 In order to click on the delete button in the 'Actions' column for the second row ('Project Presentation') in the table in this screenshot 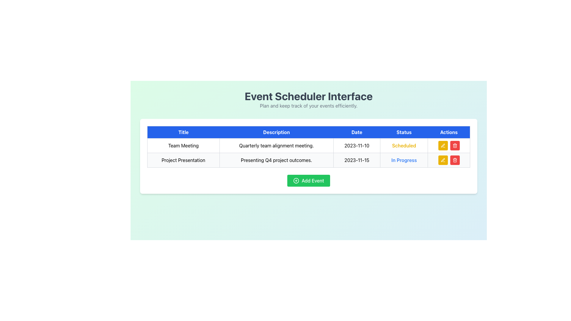, I will do `click(454, 145)`.